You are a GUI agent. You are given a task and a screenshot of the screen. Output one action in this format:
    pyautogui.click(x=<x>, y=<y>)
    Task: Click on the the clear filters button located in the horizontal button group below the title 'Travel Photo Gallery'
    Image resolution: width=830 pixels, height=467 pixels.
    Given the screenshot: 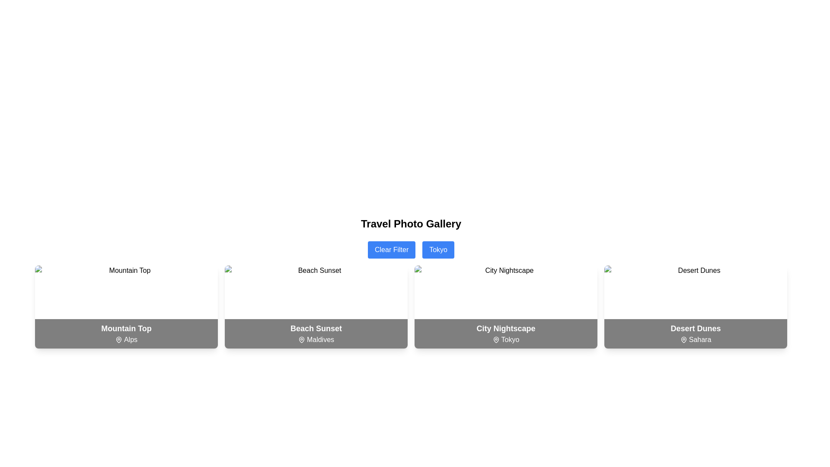 What is the action you would take?
    pyautogui.click(x=410, y=250)
    